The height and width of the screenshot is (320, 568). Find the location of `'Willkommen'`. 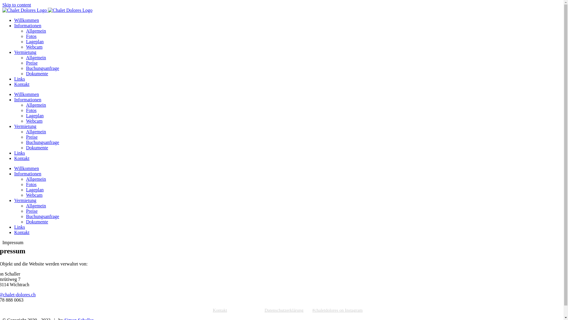

'Willkommen' is located at coordinates (14, 168).